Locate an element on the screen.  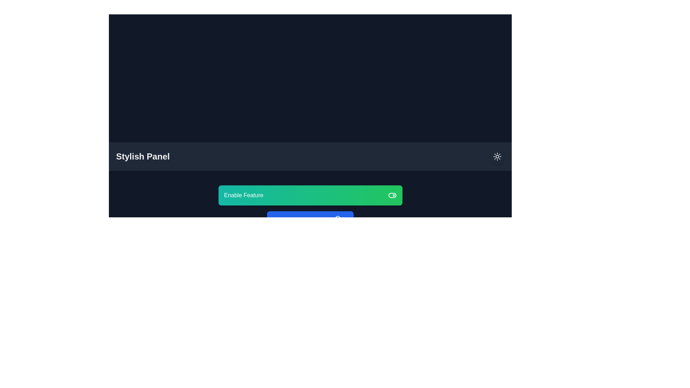
the blue button labeled 'Disable Notifications' is located at coordinates (310, 220).